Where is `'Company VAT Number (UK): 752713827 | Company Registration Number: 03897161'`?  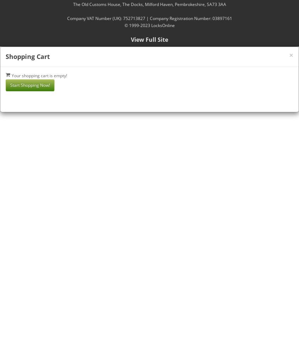 'Company VAT Number (UK): 752713827 | Company Registration Number: 03897161' is located at coordinates (149, 18).